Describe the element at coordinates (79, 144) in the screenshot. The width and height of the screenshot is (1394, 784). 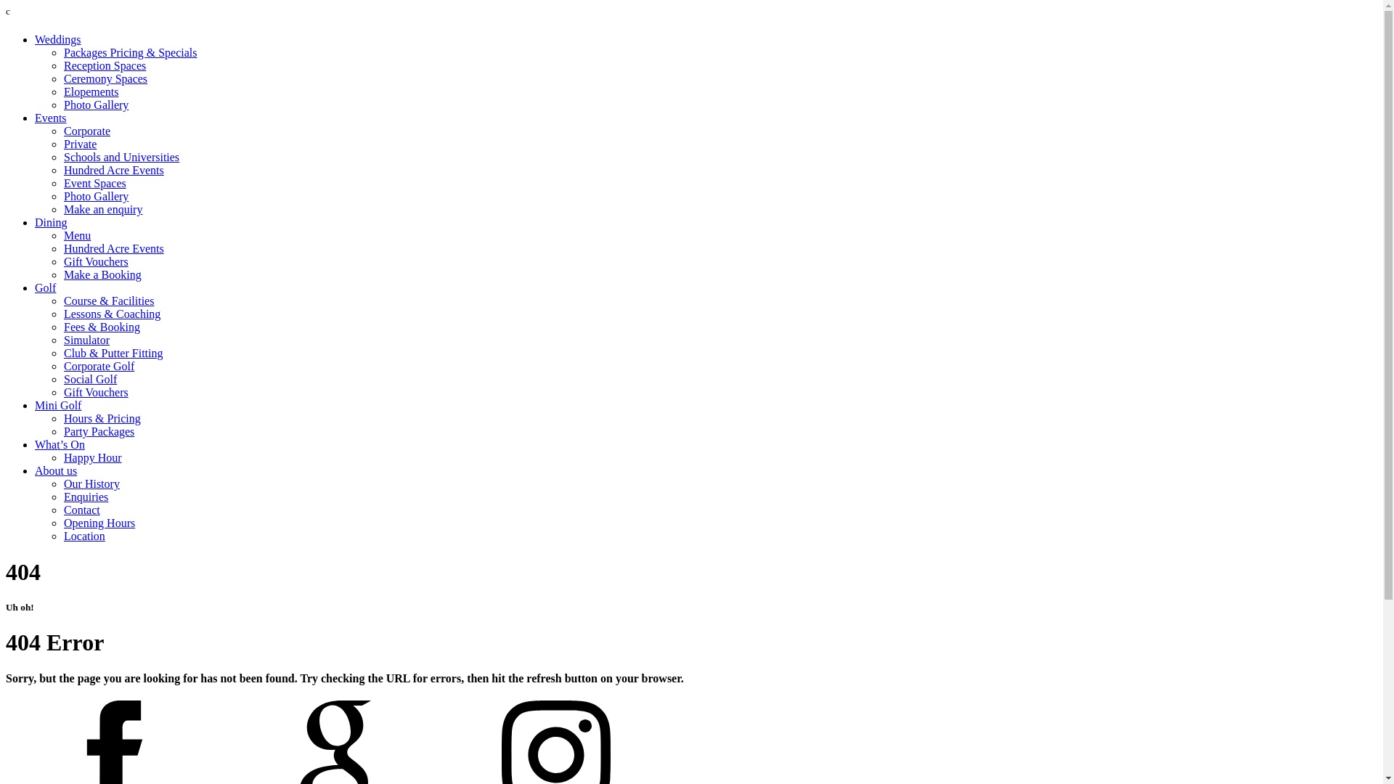
I see `'Private'` at that location.